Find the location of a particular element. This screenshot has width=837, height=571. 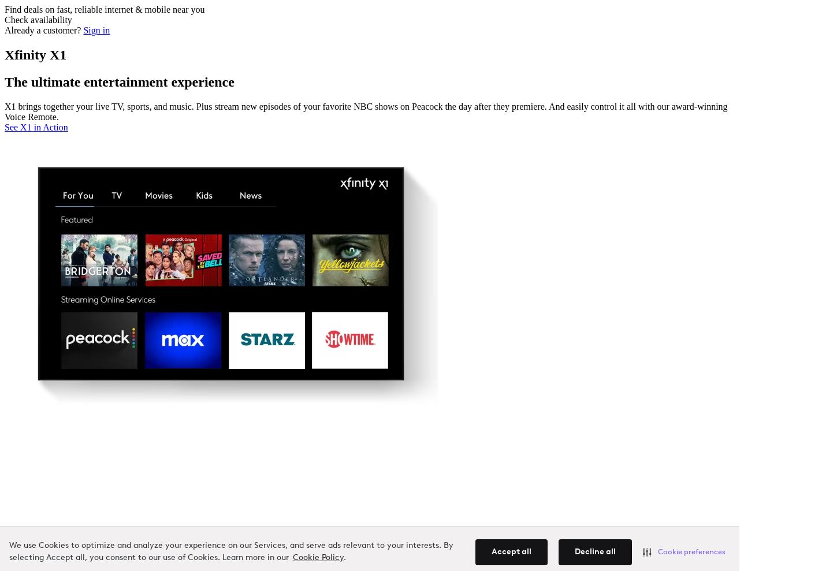

'Cookie preferences' is located at coordinates (690, 551).